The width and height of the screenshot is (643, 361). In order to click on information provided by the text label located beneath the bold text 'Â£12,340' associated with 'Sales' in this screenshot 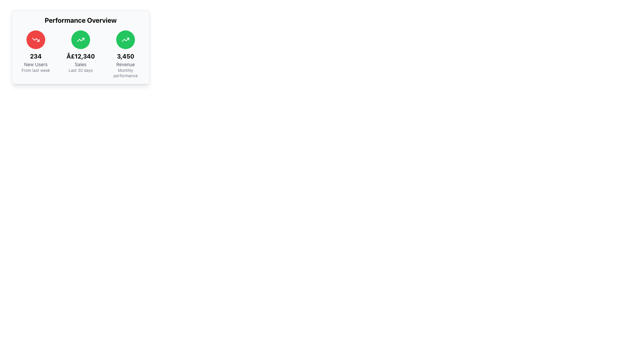, I will do `click(80, 71)`.